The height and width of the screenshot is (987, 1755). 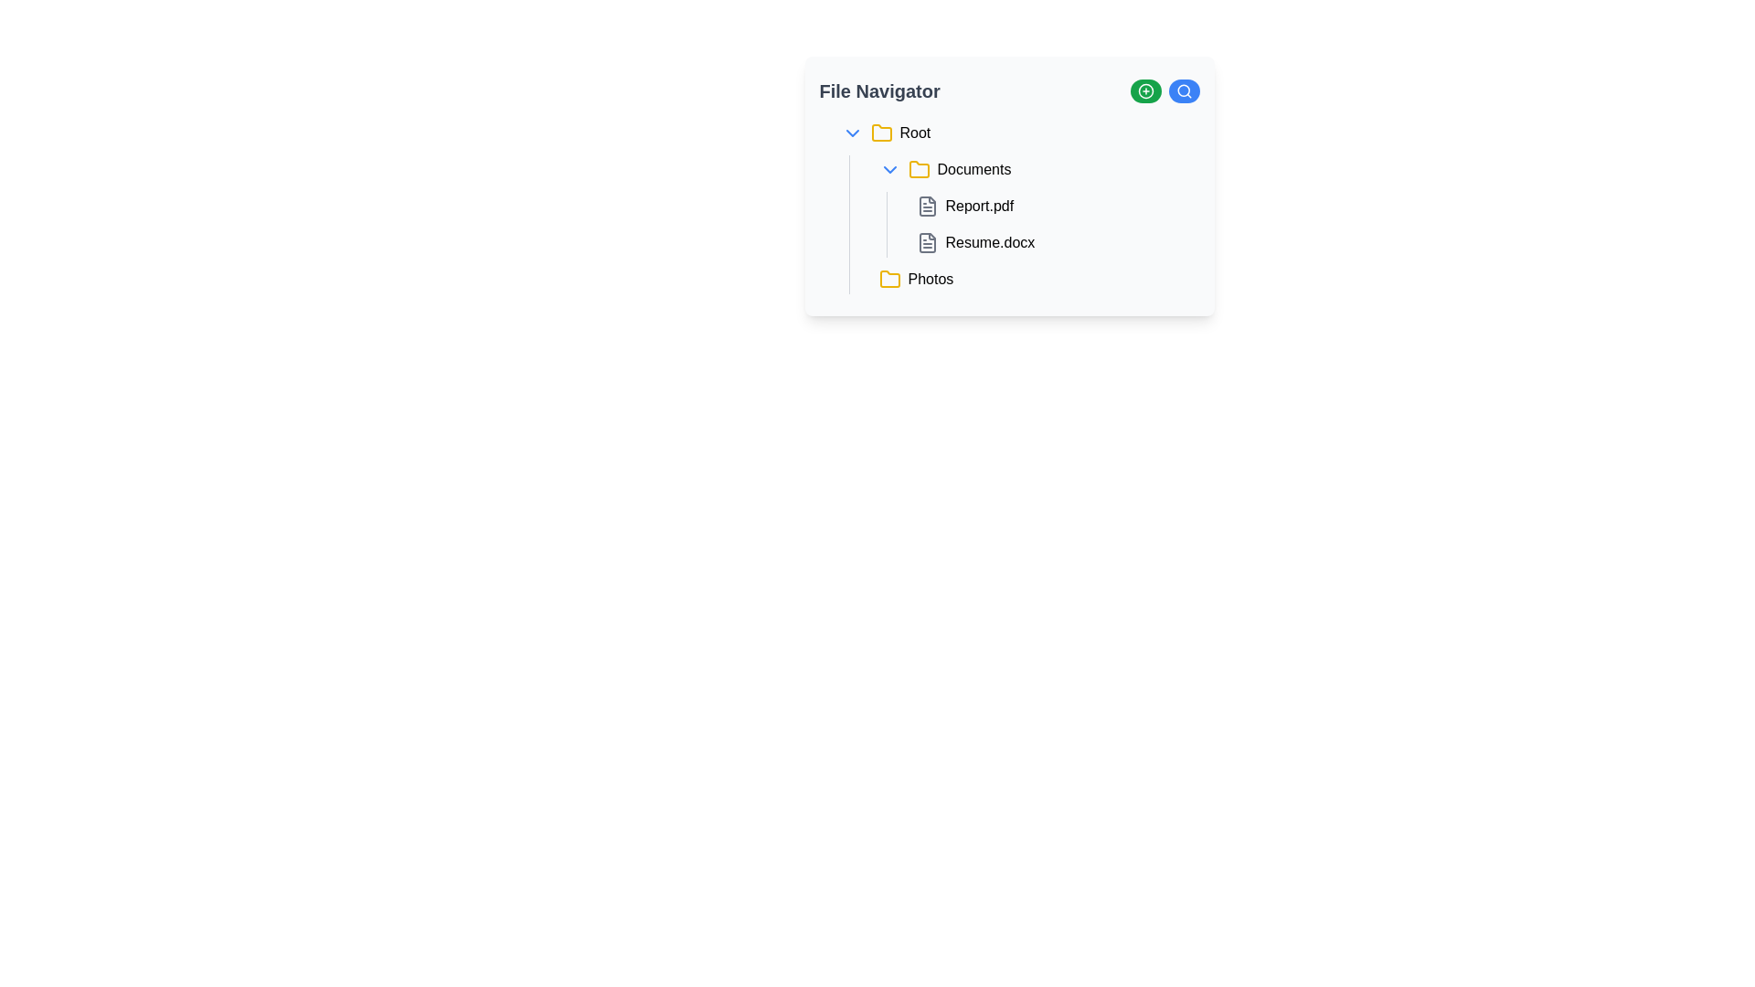 I want to click on the search button located in the top-right corner of the 'File Navigator' panel to initiate a search, so click(x=1184, y=91).